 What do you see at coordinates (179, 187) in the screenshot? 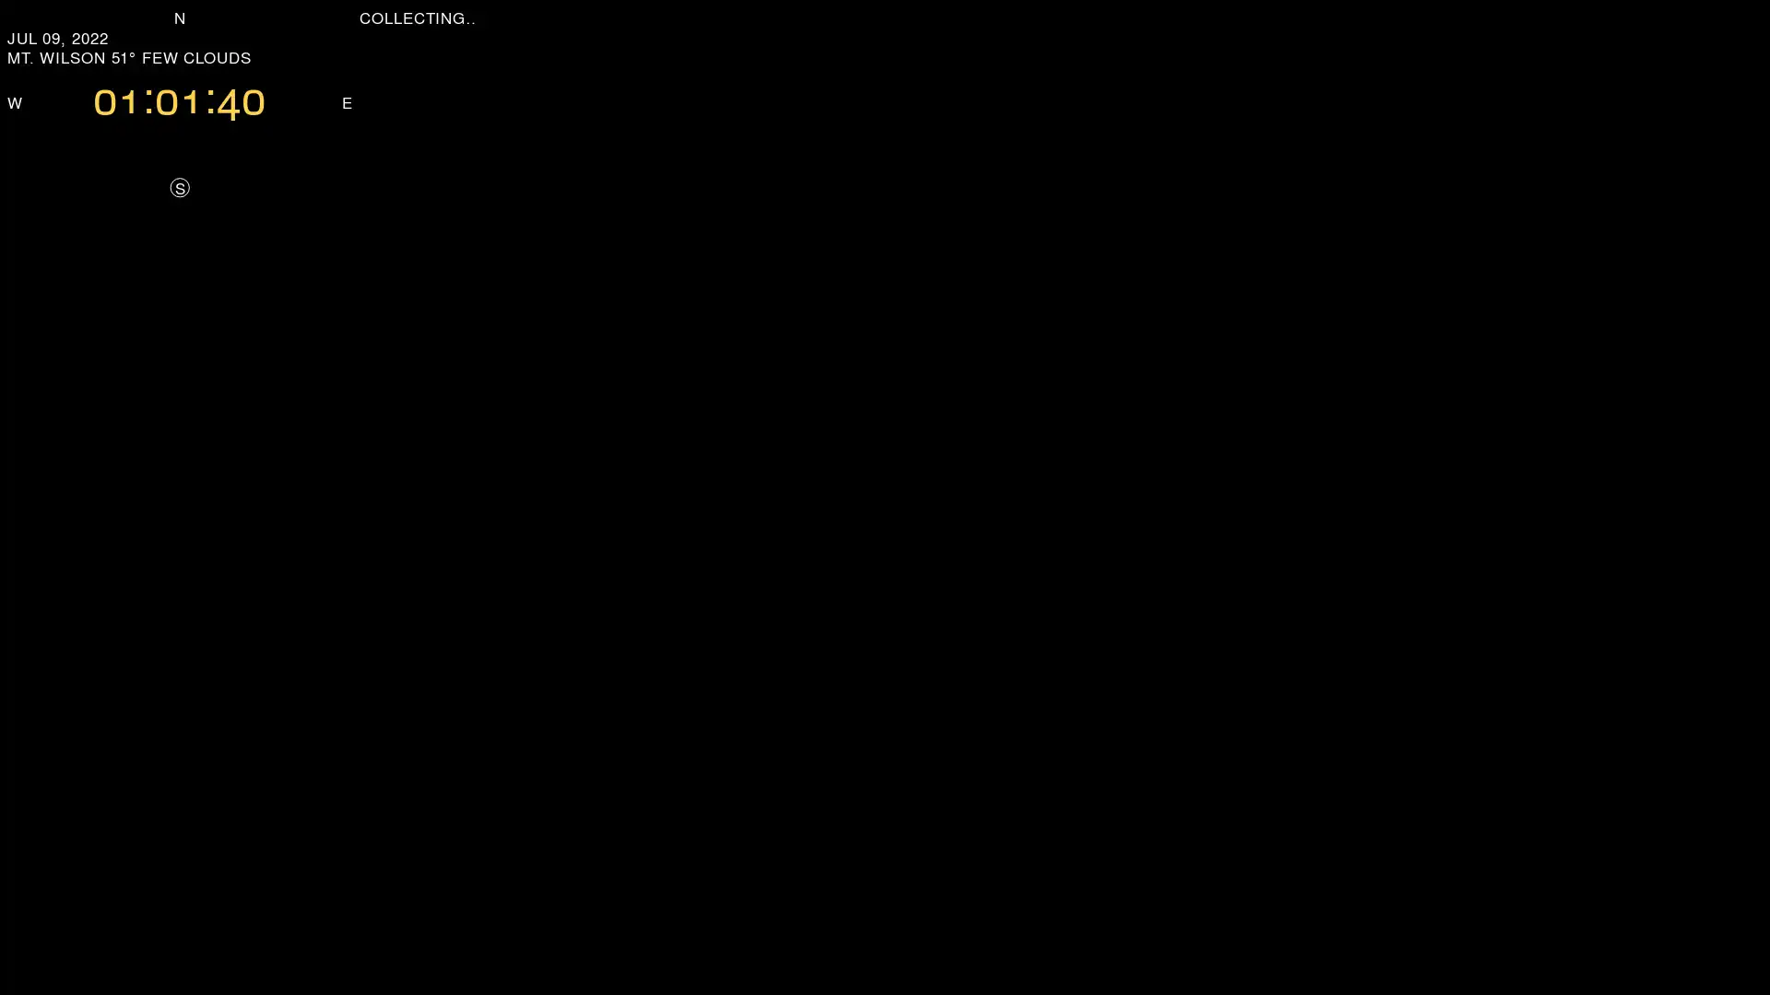
I see `S` at bounding box center [179, 187].